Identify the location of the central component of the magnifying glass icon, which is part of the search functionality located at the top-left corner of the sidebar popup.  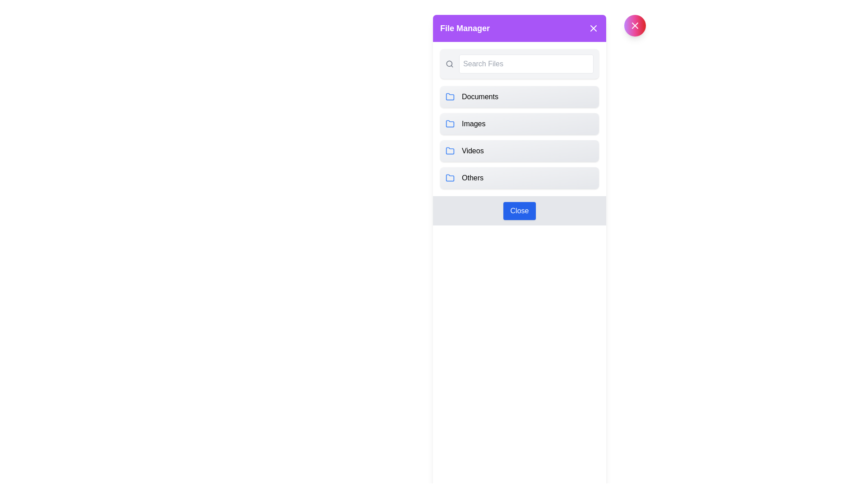
(449, 63).